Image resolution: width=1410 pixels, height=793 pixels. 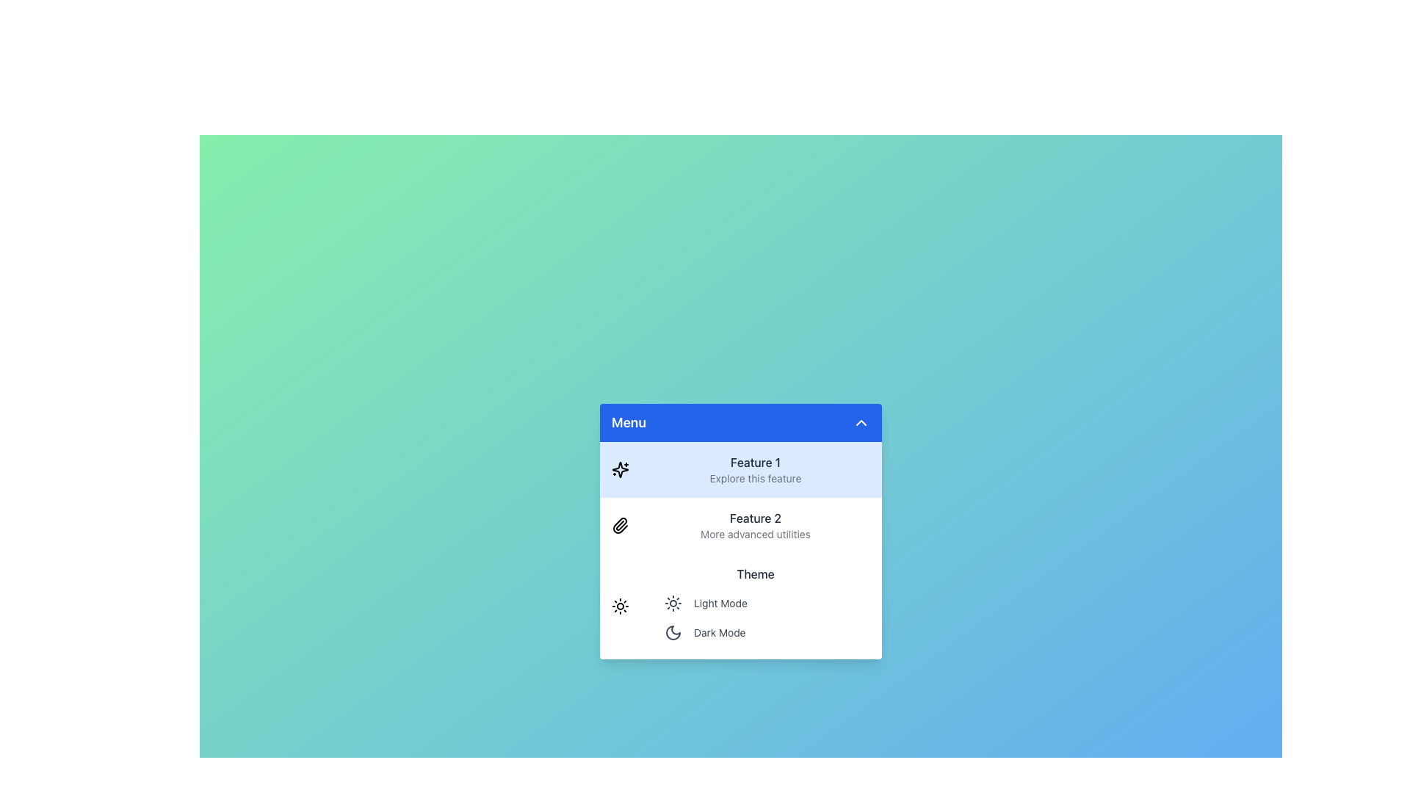 I want to click on the 'Dark Mode' label located within the 'Theme' section of the menu card, so click(x=720, y=631).